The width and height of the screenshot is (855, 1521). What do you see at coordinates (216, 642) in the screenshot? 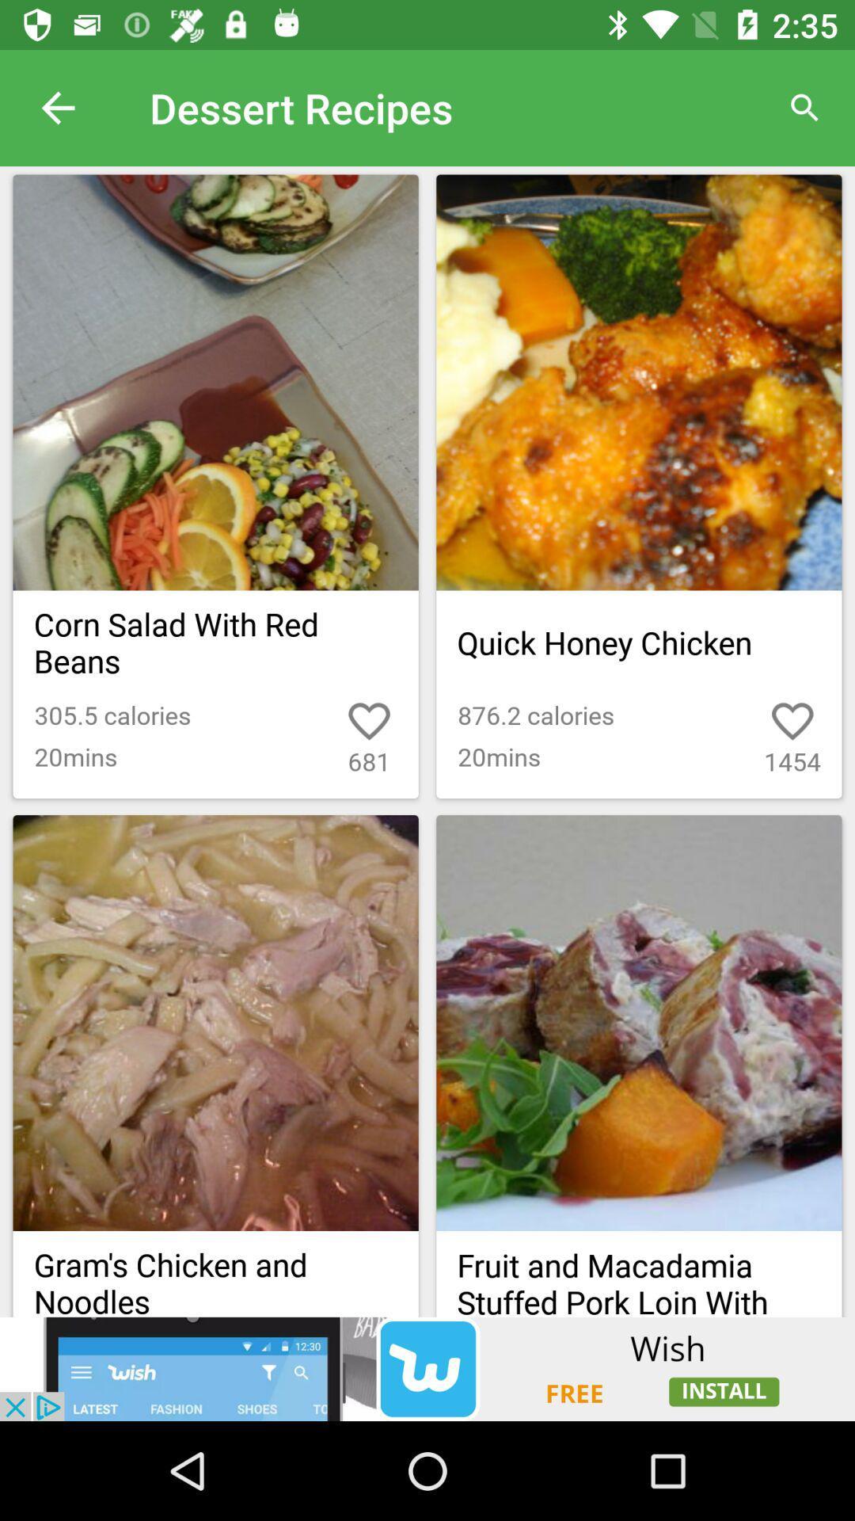
I see `the text below the first image` at bounding box center [216, 642].